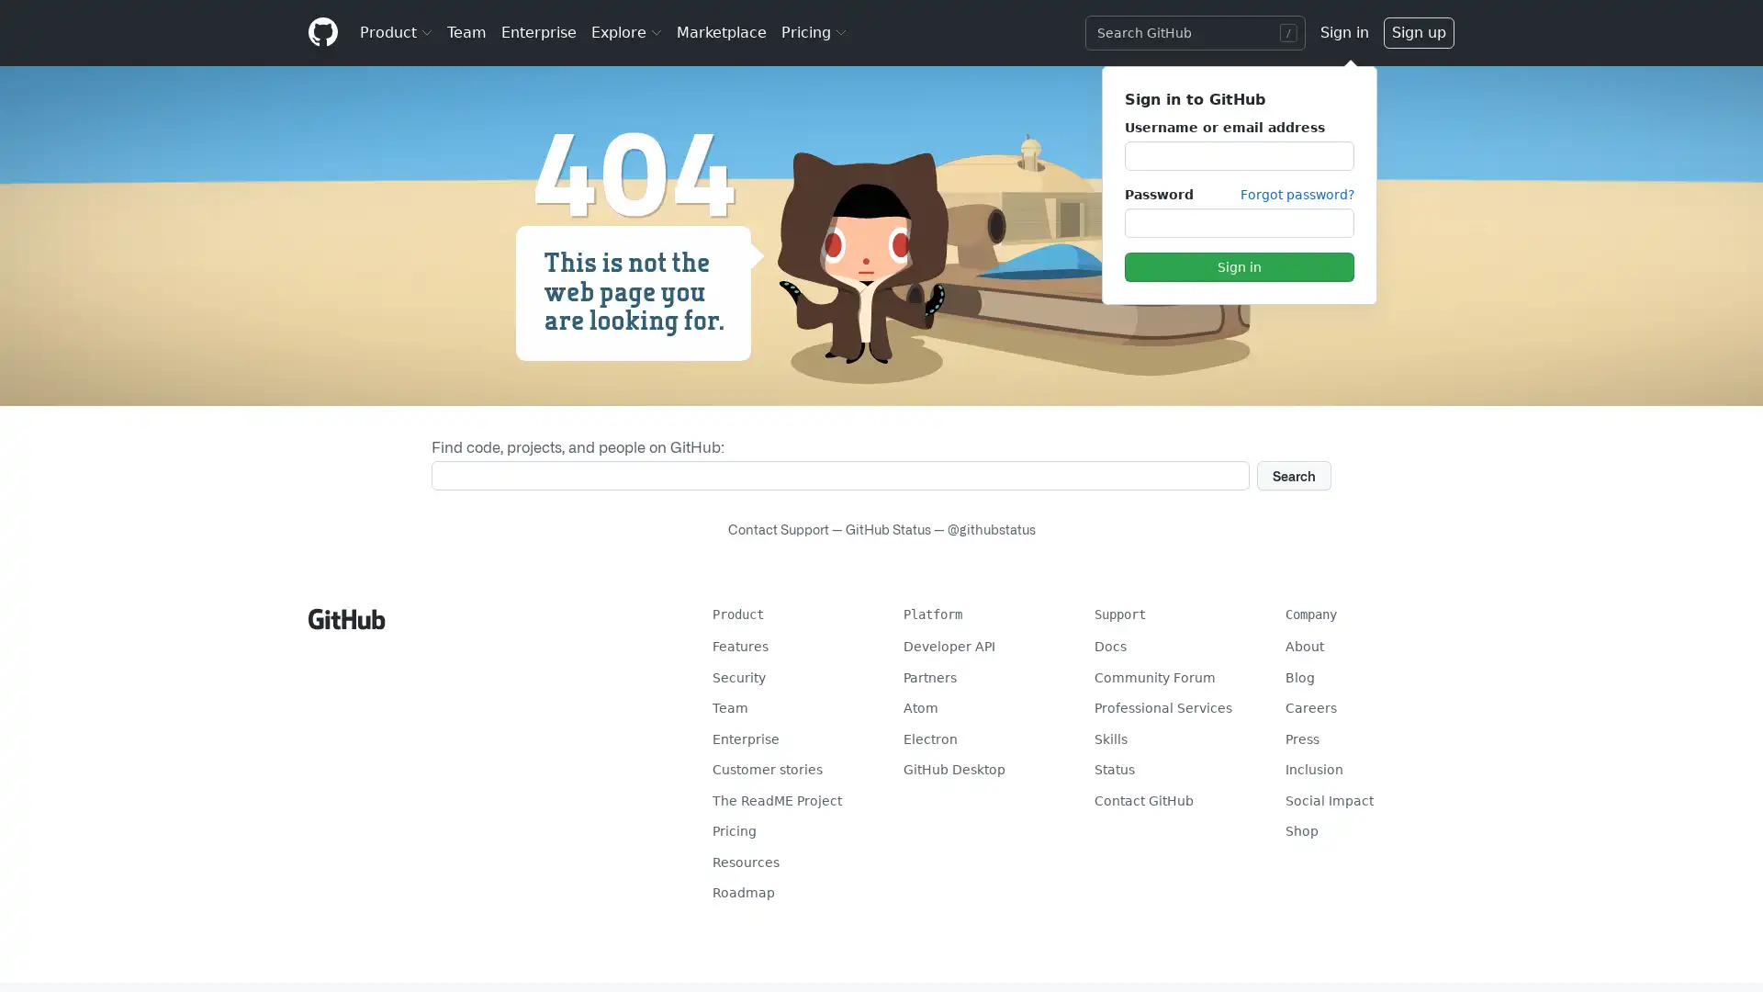 The image size is (1763, 992). Describe the element at coordinates (1293, 474) in the screenshot. I see `Search` at that location.